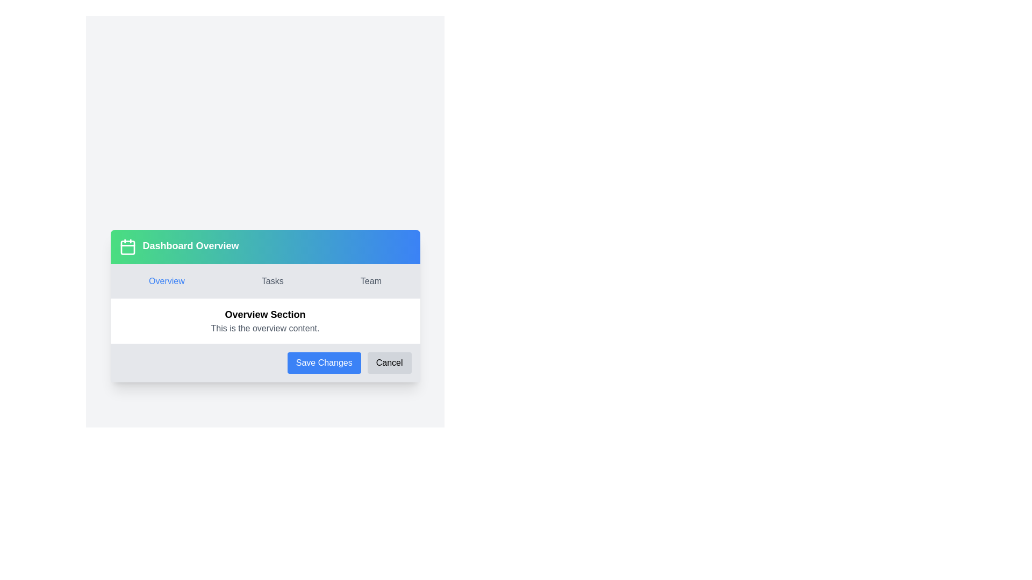 The width and height of the screenshot is (1032, 580). Describe the element at coordinates (371, 281) in the screenshot. I see `the navigation button directing to the 'Team' section to change its state` at that location.